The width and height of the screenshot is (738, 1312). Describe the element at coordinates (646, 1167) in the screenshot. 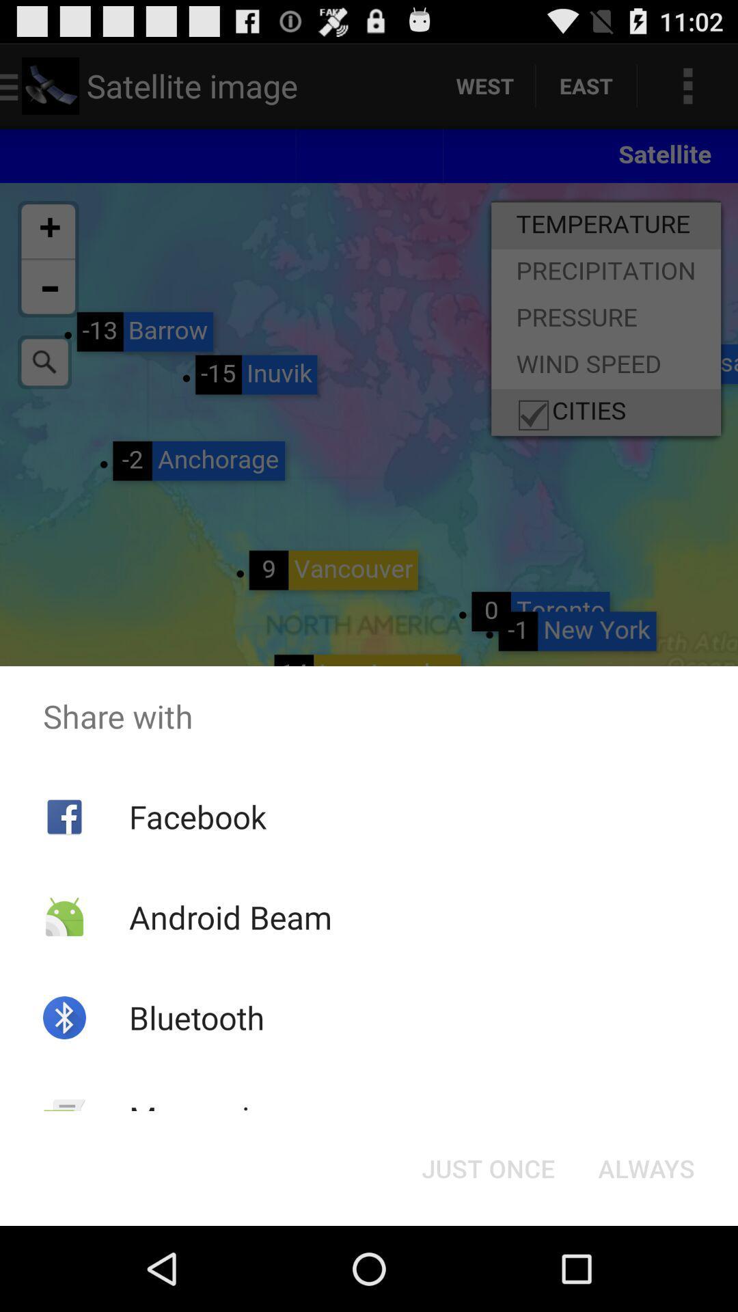

I see `icon at the bottom right corner` at that location.